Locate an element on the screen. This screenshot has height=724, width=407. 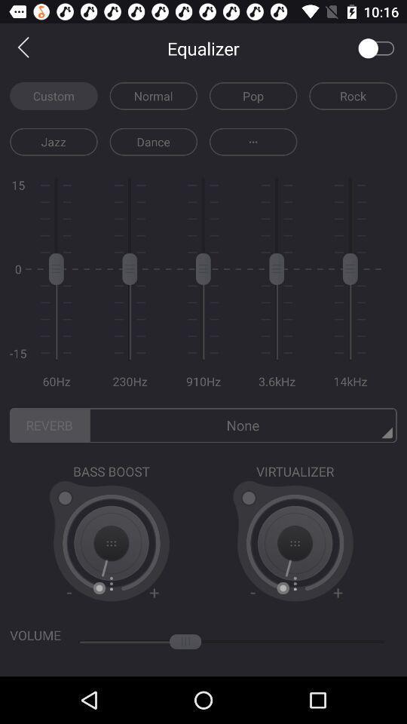
the add icon is located at coordinates (295, 581).